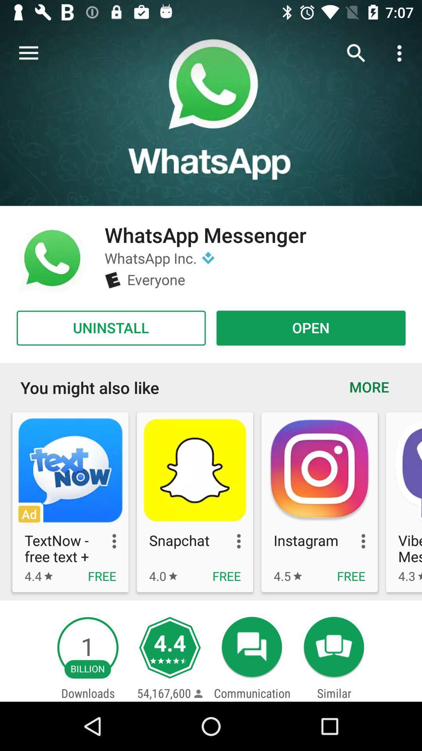  What do you see at coordinates (198, 694) in the screenshot?
I see `the icon on the right next to the text 54167600 on the web page` at bounding box center [198, 694].